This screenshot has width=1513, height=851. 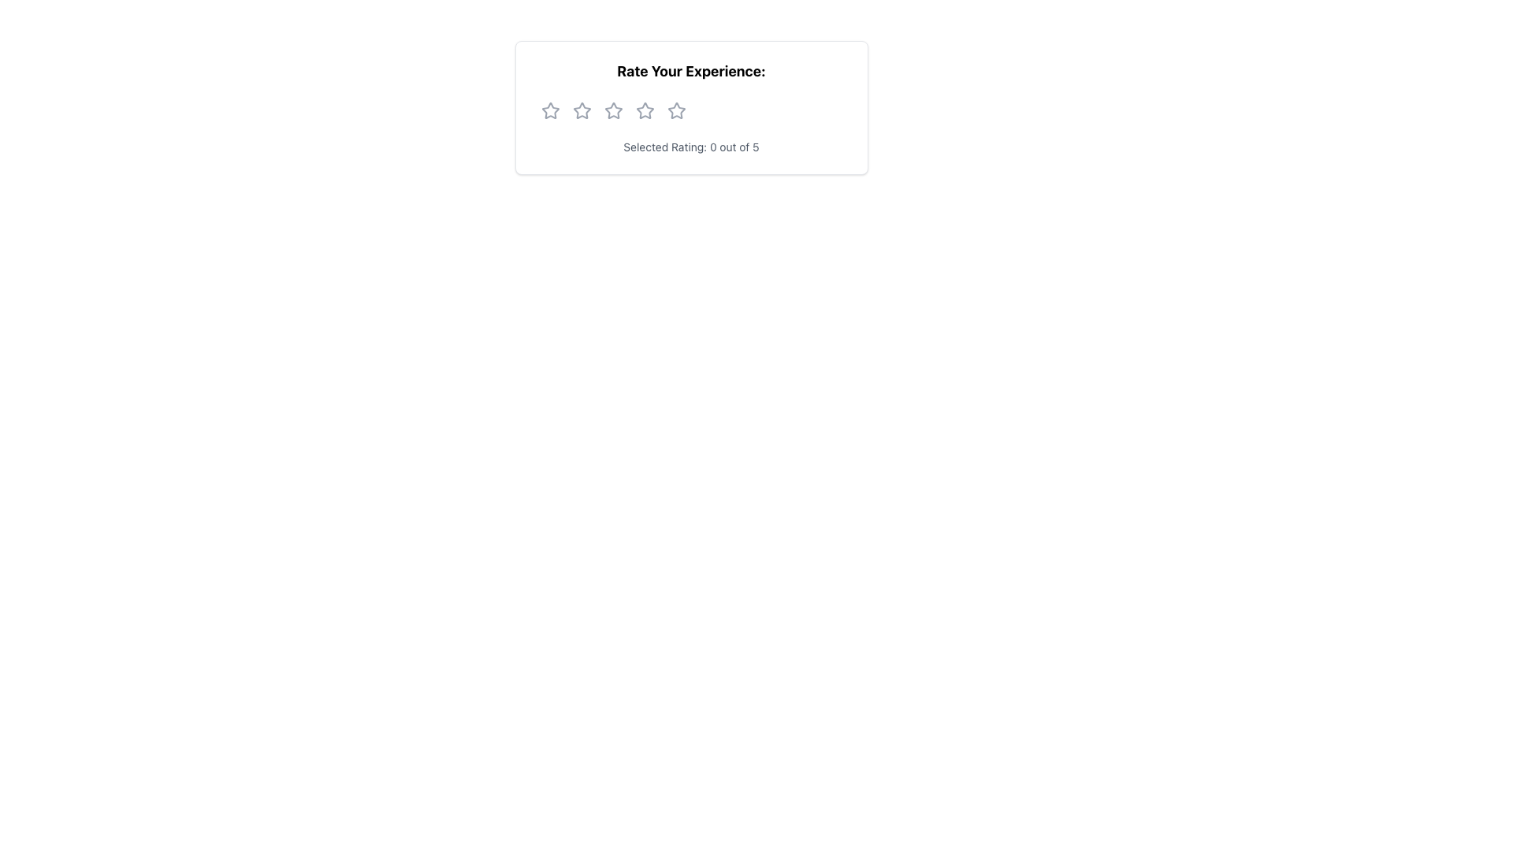 I want to click on the first star-shaped rating icon that changes color from gray to yellow on hover, indicating its interactivity, so click(x=550, y=110).